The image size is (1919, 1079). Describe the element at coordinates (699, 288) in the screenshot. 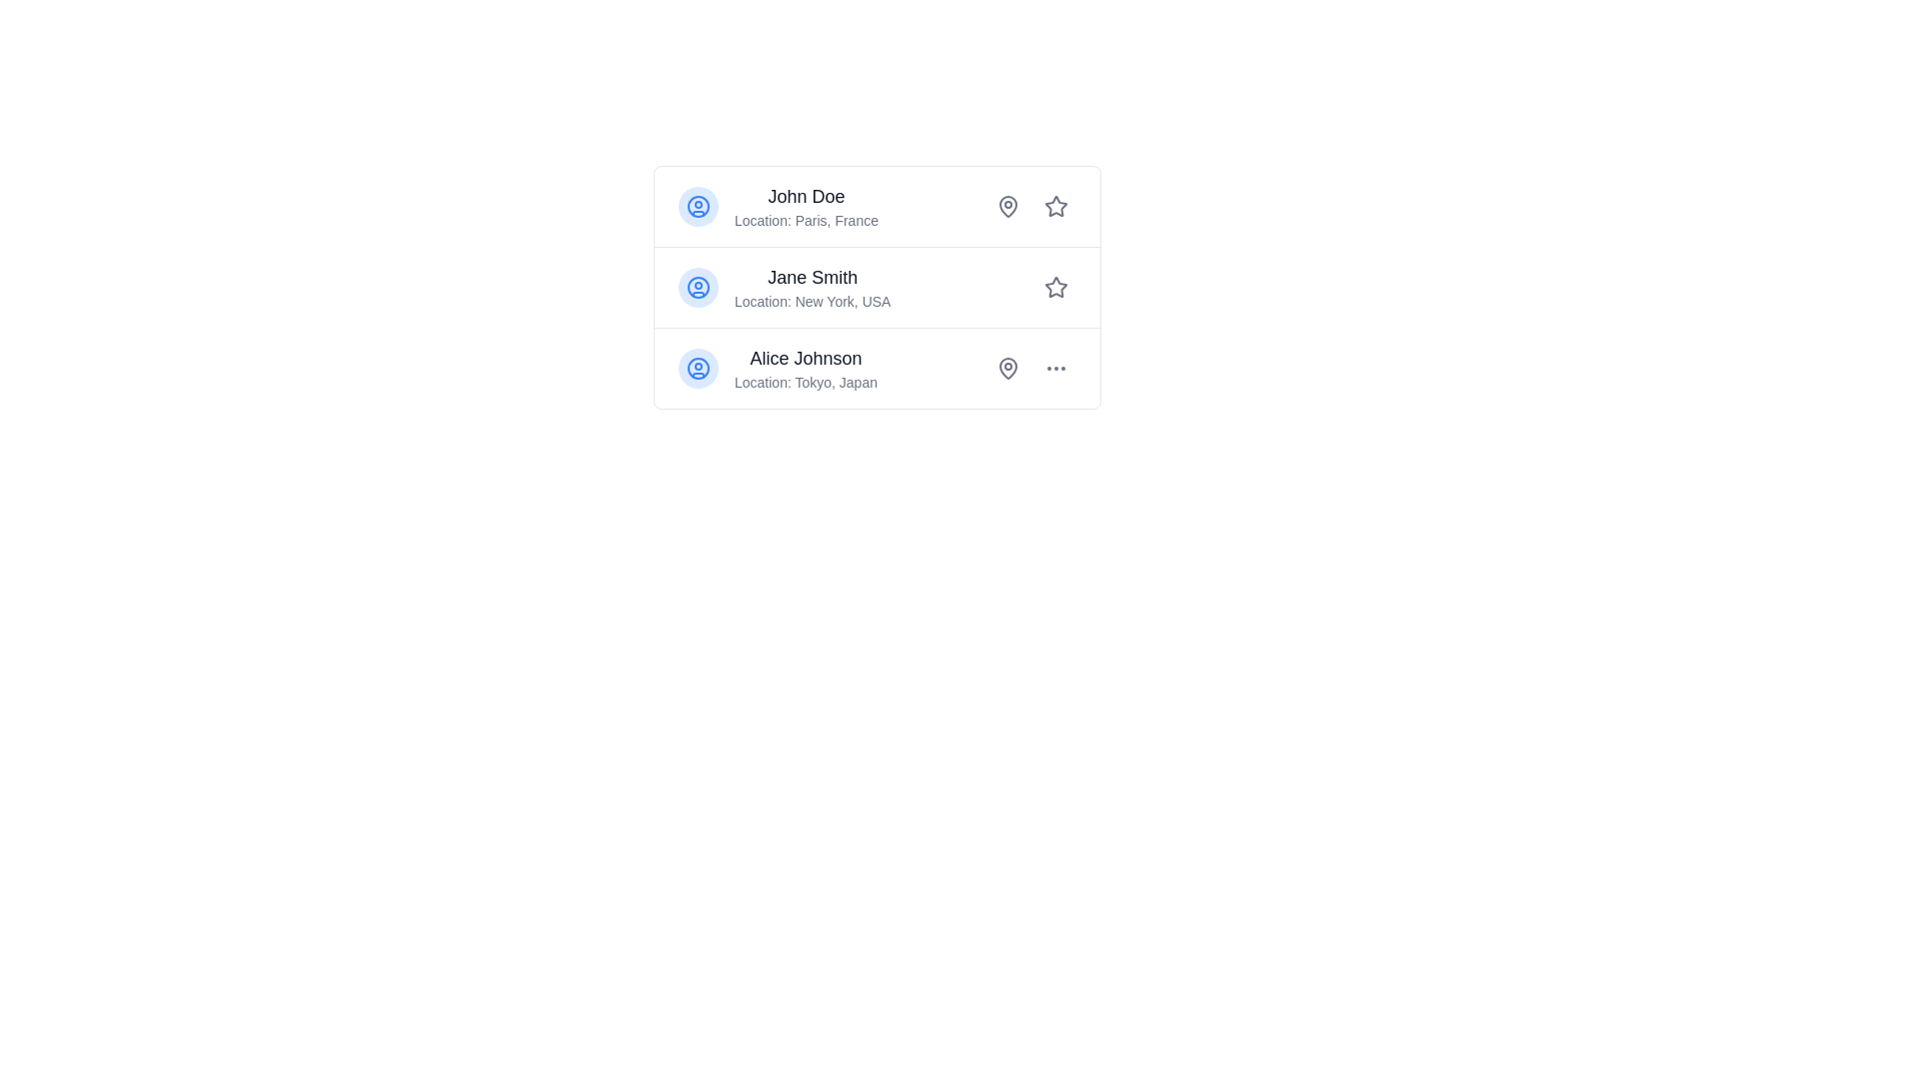

I see `the user profile icon representing 'Jane Smith', located to the left of the text 'Jane Smith' and 'Location: New York, USA'` at that location.